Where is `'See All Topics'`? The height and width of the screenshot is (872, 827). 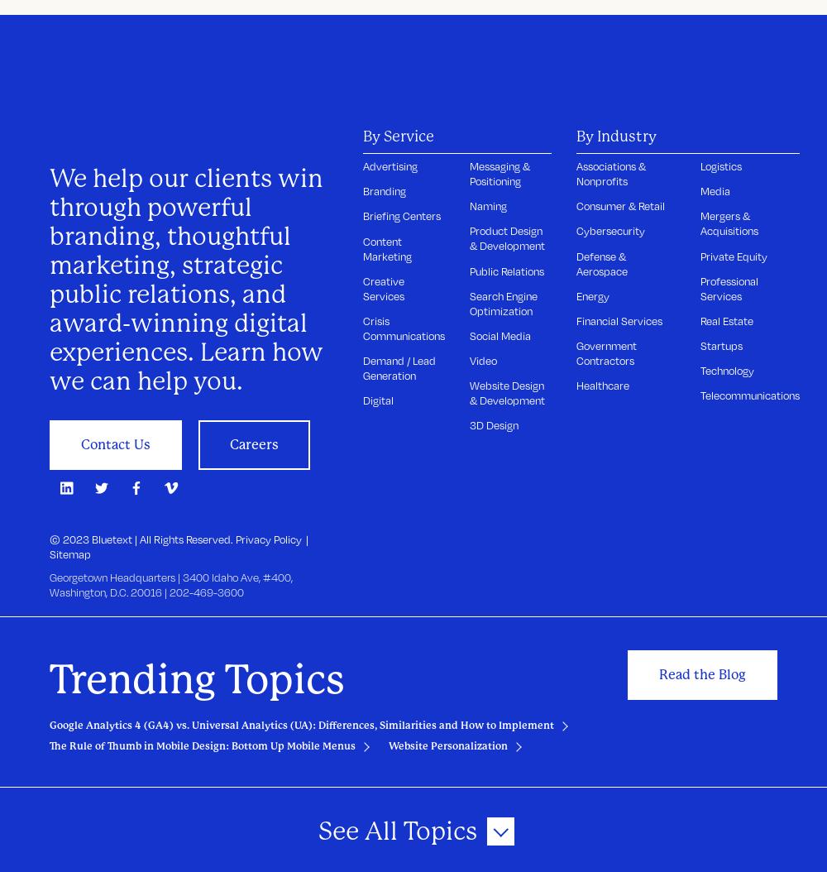 'See All Topics' is located at coordinates (318, 830).